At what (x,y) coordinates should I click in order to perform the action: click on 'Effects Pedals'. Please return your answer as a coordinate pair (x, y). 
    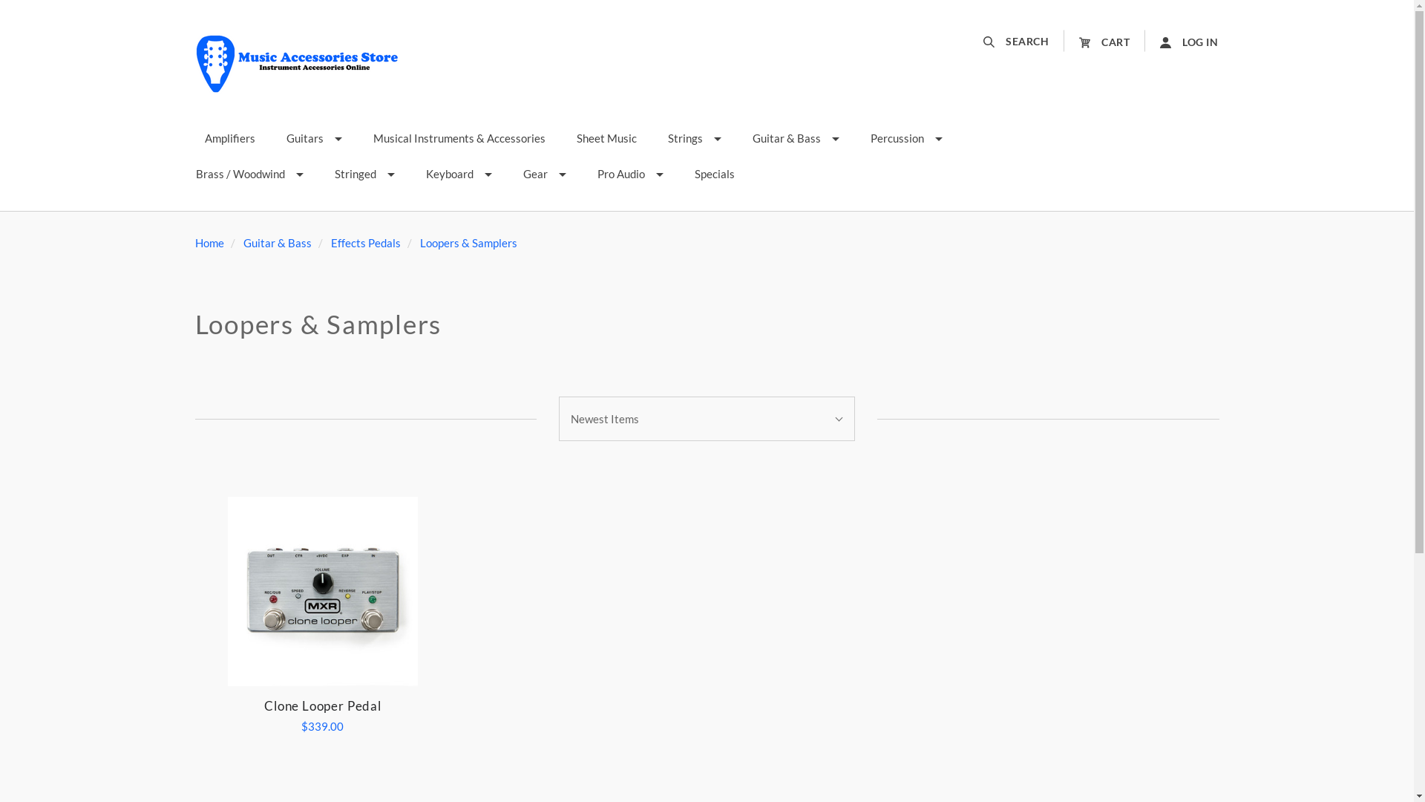
    Looking at the image, I should click on (366, 242).